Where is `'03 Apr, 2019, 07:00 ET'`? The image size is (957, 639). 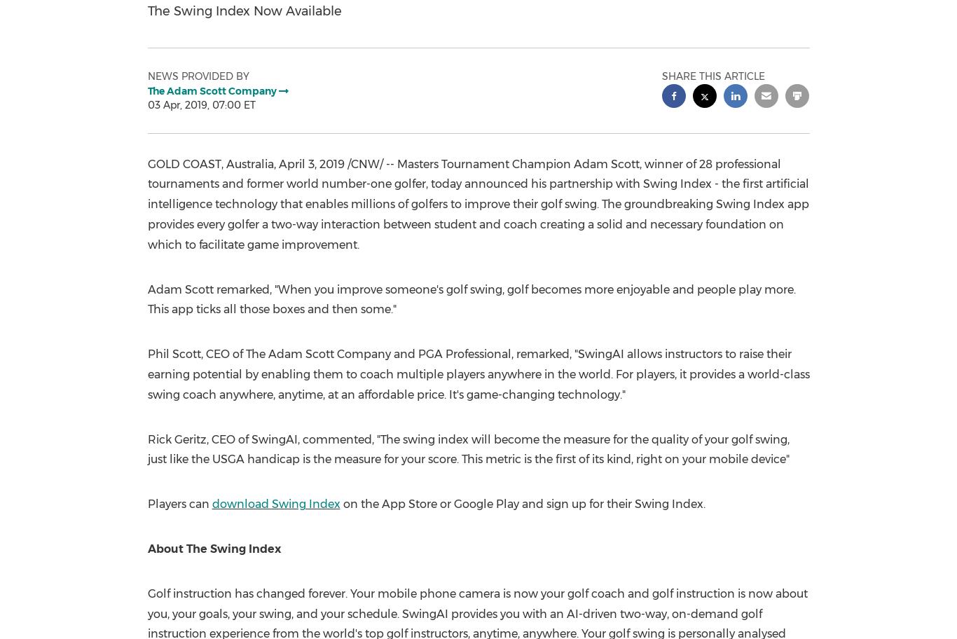
'03 Apr, 2019, 07:00 ET' is located at coordinates (200, 104).